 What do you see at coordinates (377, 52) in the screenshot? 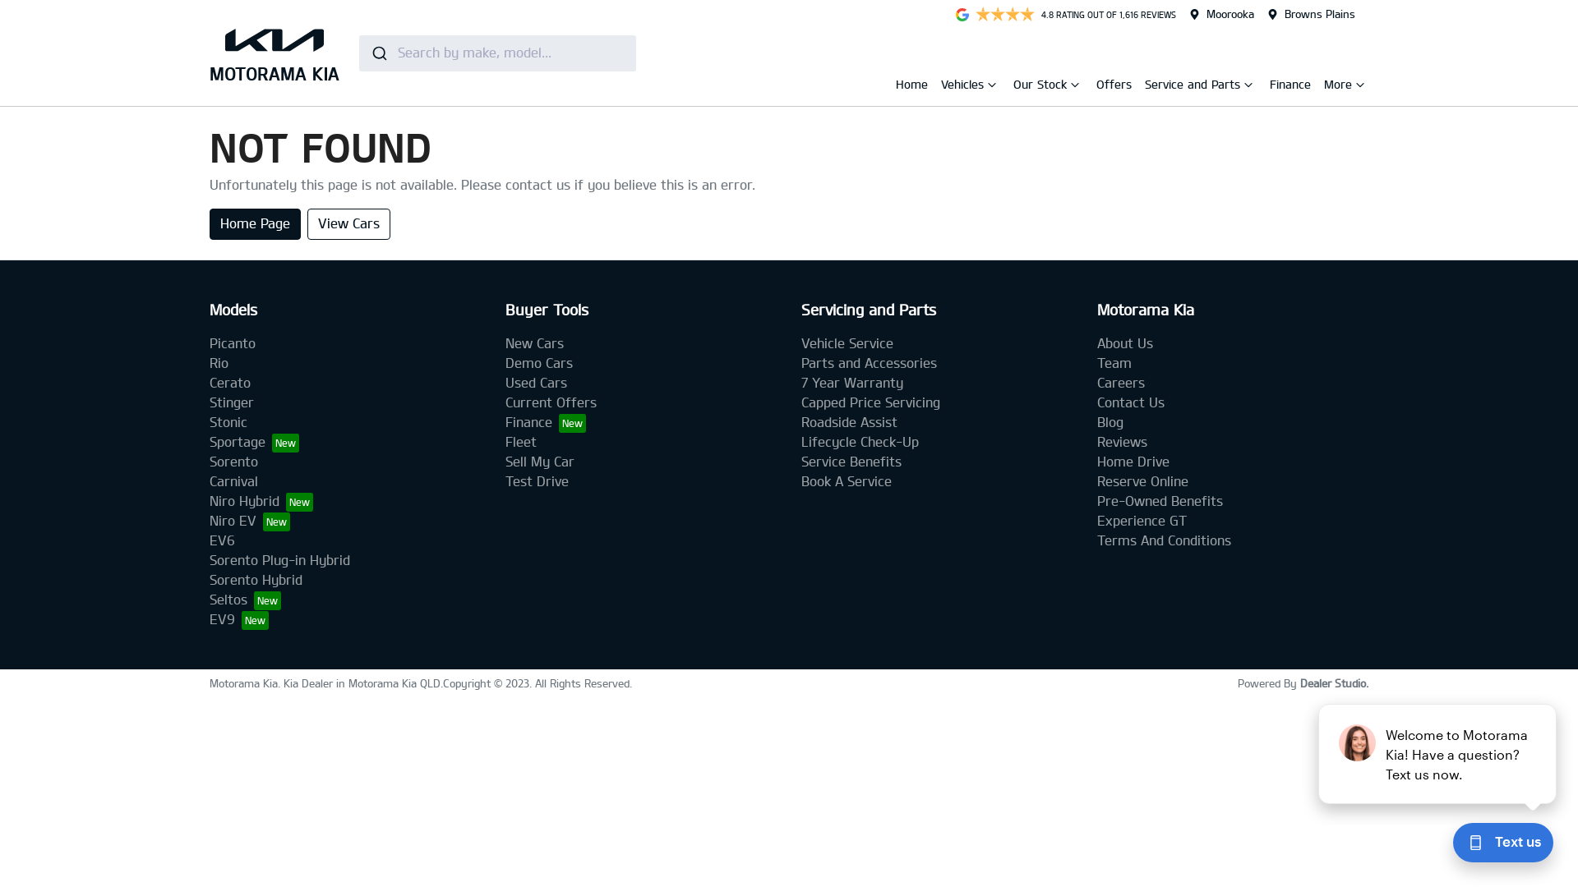
I see `'Submit'` at bounding box center [377, 52].